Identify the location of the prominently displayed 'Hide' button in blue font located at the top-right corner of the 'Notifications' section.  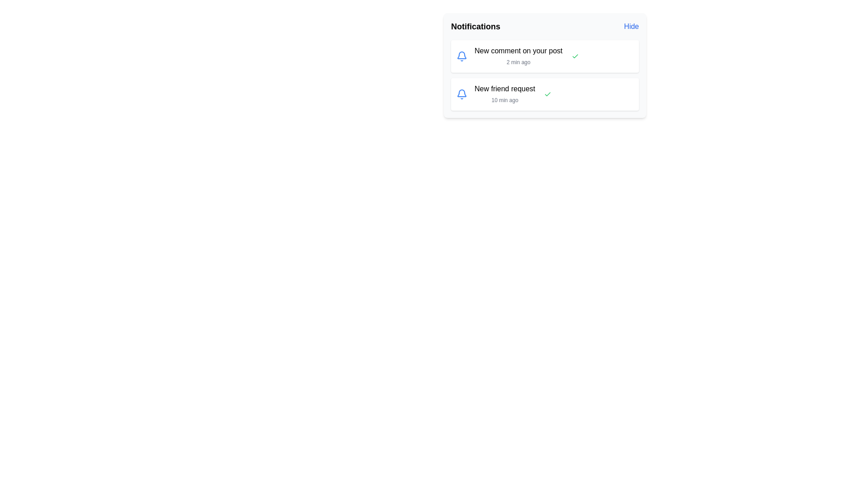
(631, 26).